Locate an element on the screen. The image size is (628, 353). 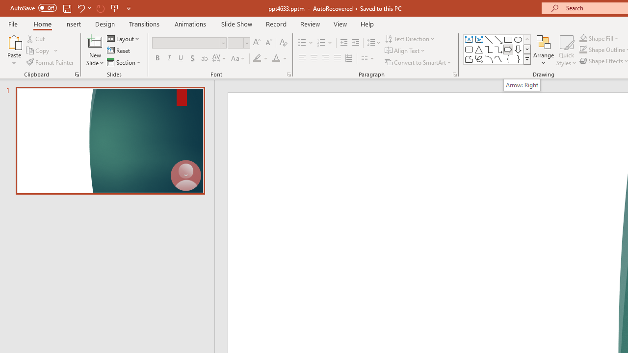
'Curve' is located at coordinates (498, 59).